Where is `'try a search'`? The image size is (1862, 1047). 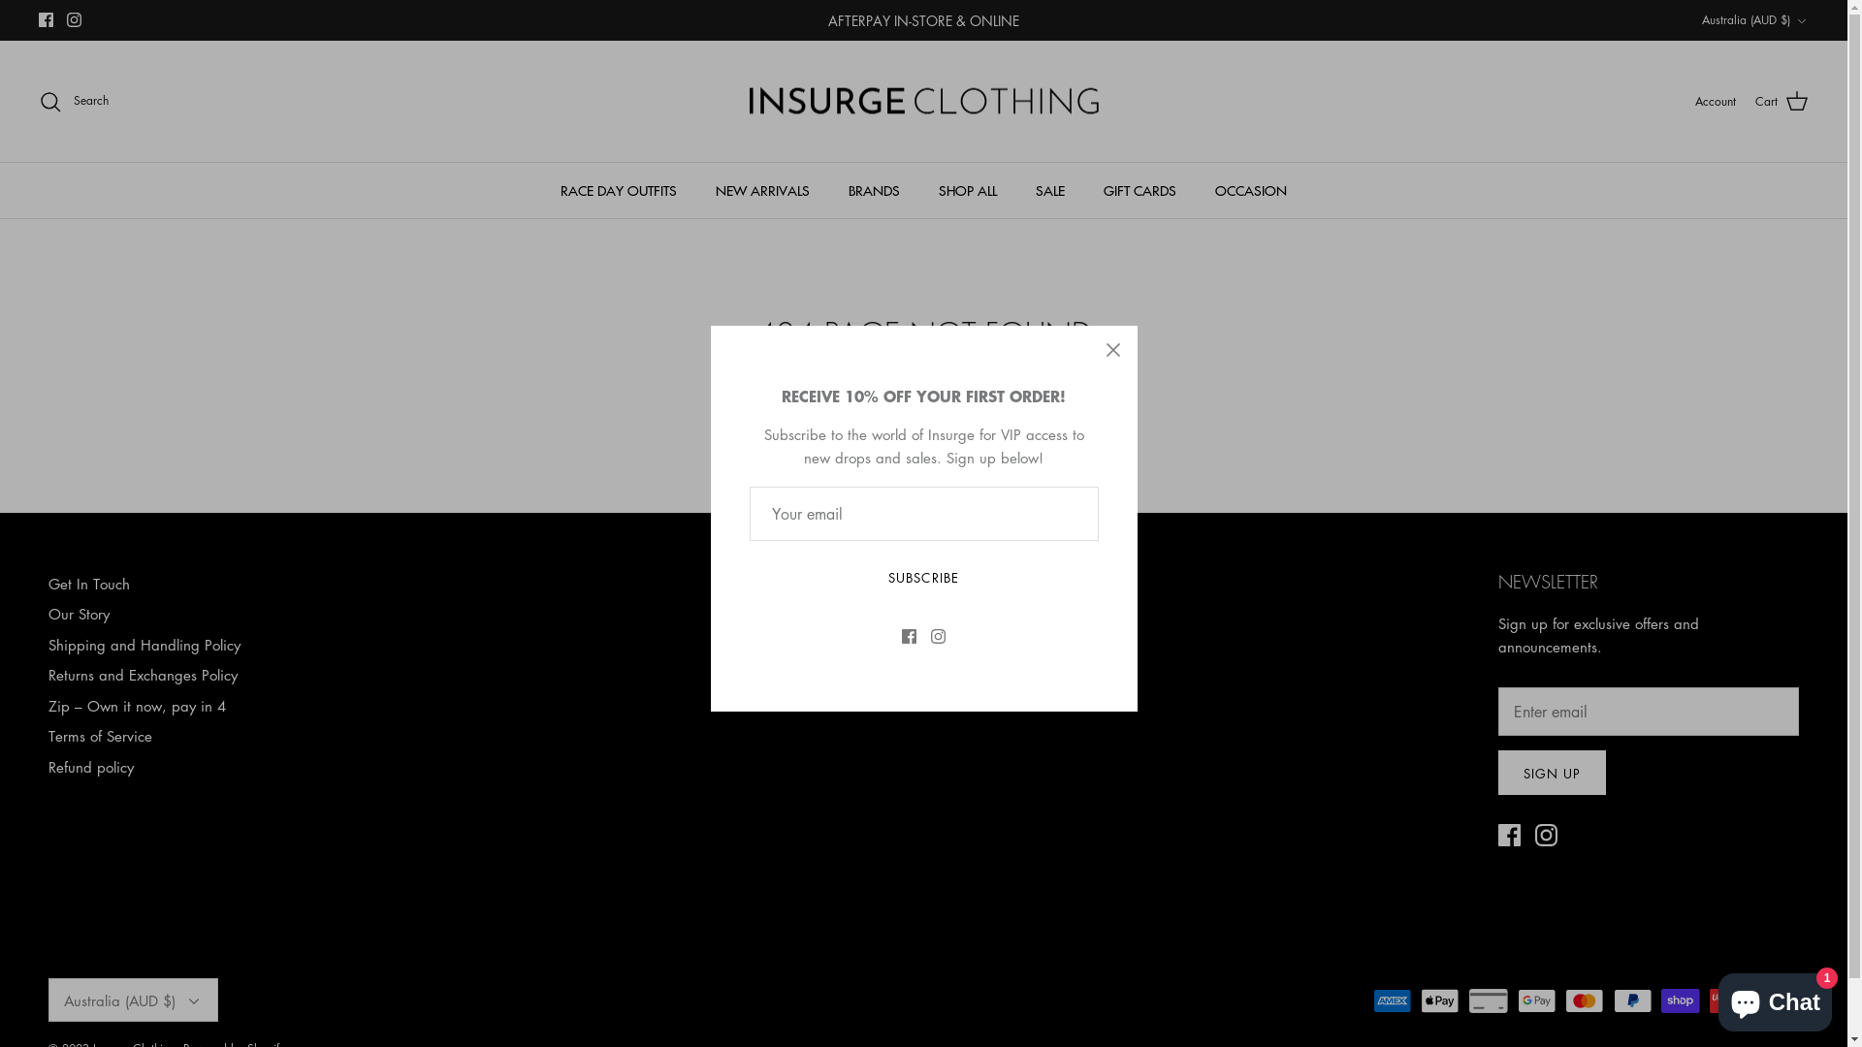
'try a search' is located at coordinates (1066, 402).